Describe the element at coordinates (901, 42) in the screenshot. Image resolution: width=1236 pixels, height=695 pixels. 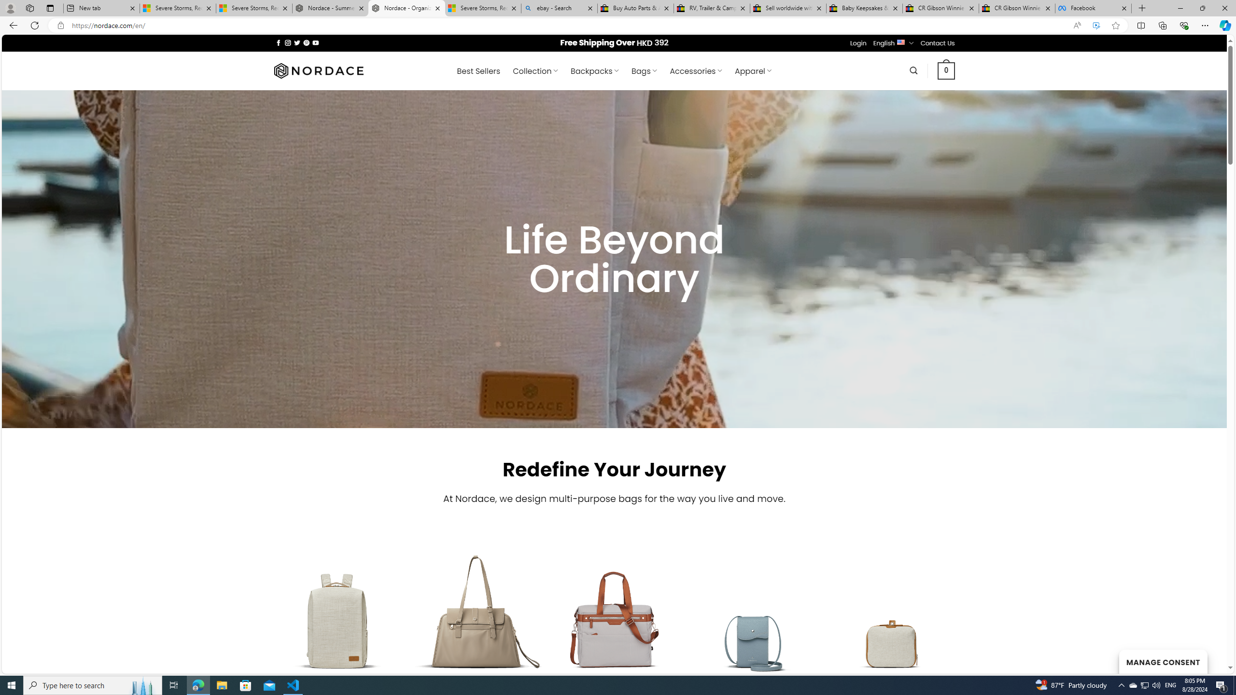
I see `'English'` at that location.